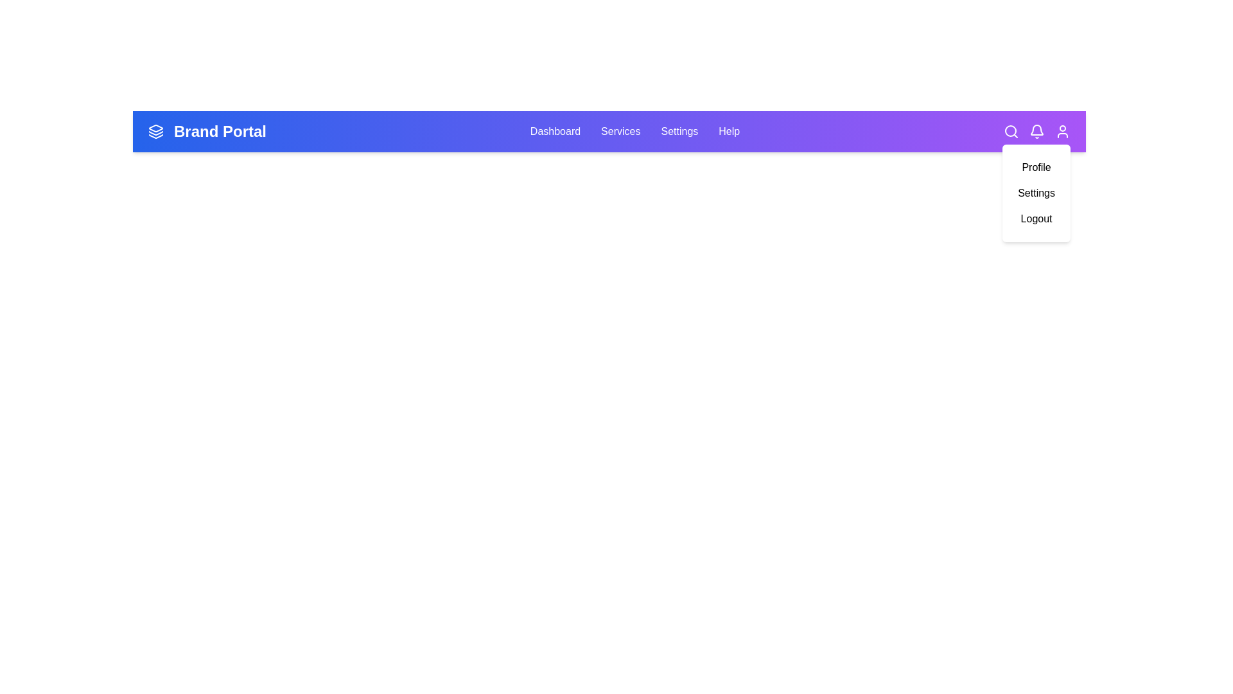 The image size is (1233, 694). I want to click on the first item in the dropdown menu below the user icon in the top-right corner, so click(1036, 167).